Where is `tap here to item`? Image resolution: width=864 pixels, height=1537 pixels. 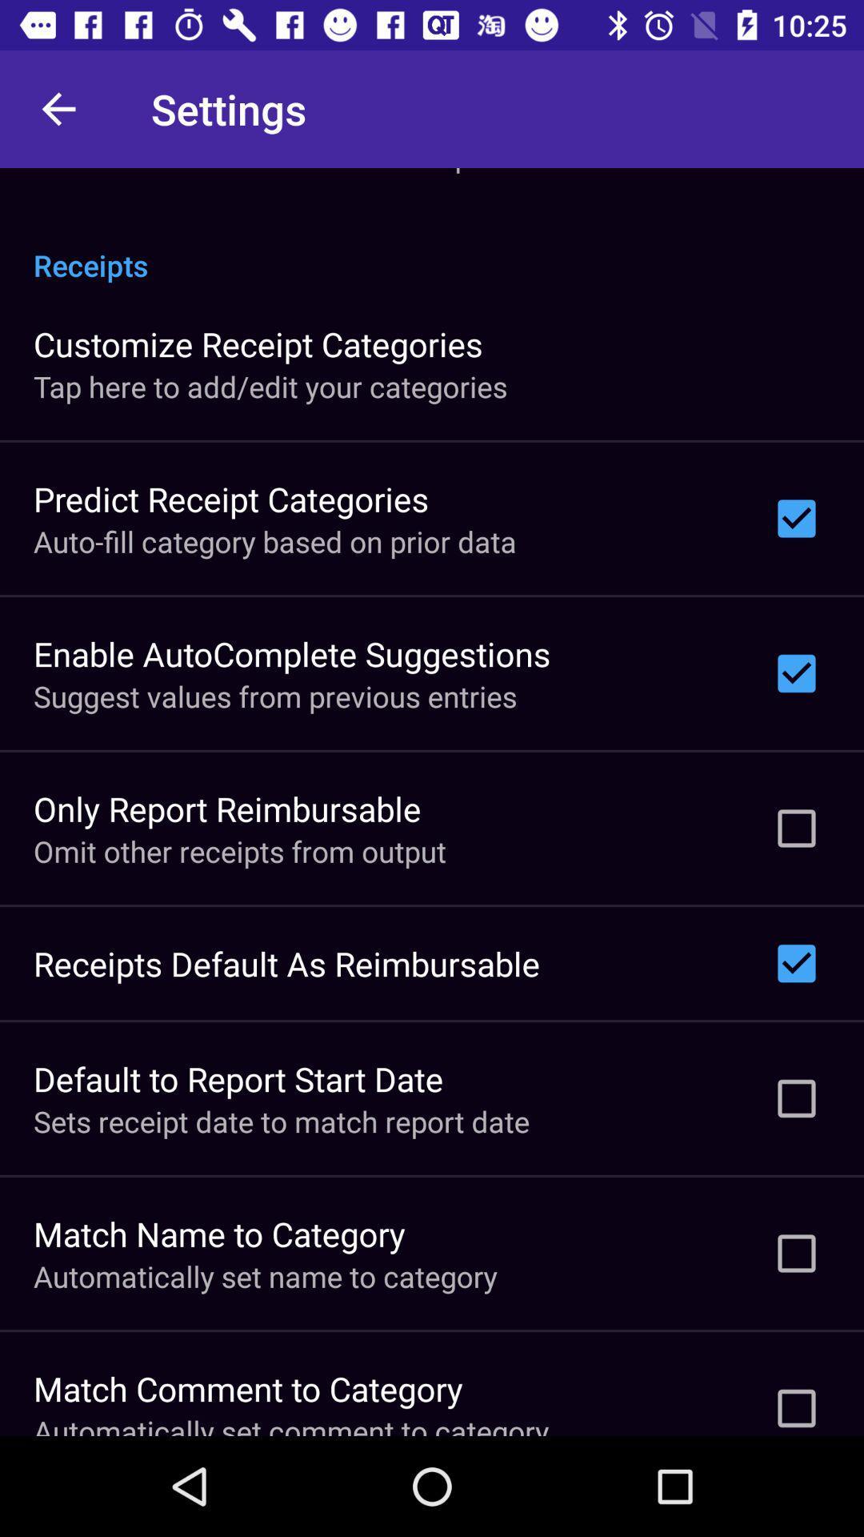
tap here to item is located at coordinates (270, 387).